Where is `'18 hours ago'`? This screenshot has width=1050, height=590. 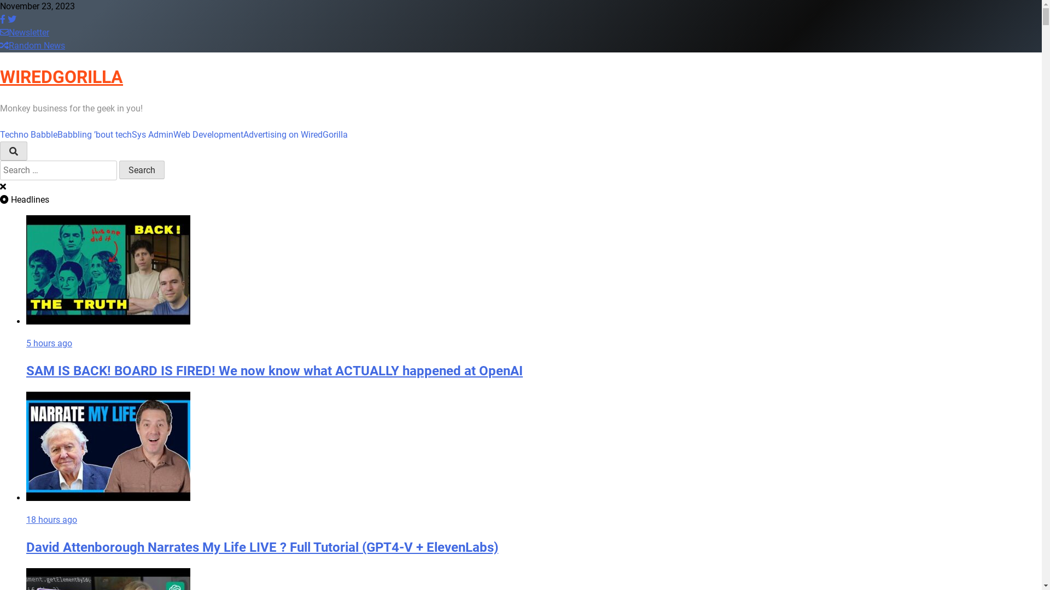
'18 hours ago' is located at coordinates (51, 519).